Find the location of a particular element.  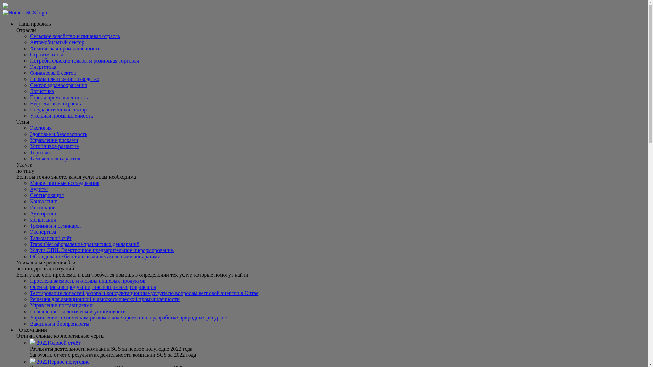

'Home - SGS logo' is located at coordinates (24, 13).